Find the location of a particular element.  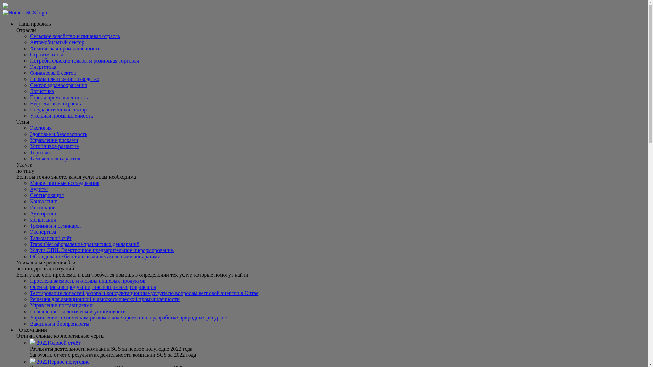

'Home - SGS logo' is located at coordinates (24, 13).